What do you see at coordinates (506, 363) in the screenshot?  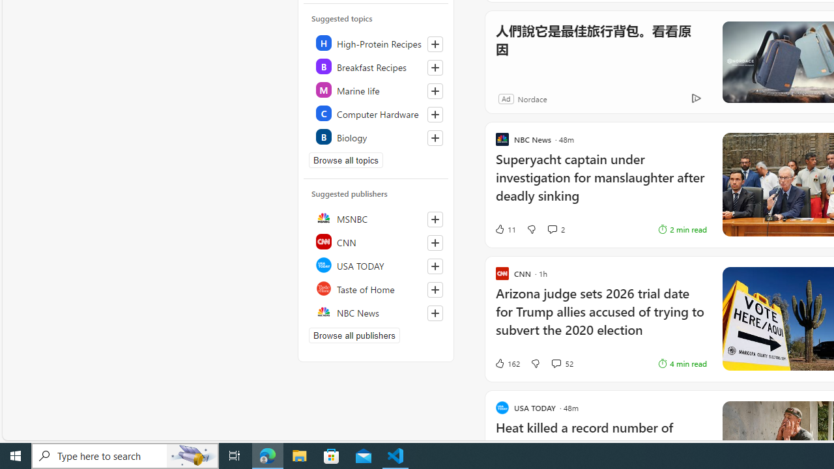 I see `'162 Like'` at bounding box center [506, 363].